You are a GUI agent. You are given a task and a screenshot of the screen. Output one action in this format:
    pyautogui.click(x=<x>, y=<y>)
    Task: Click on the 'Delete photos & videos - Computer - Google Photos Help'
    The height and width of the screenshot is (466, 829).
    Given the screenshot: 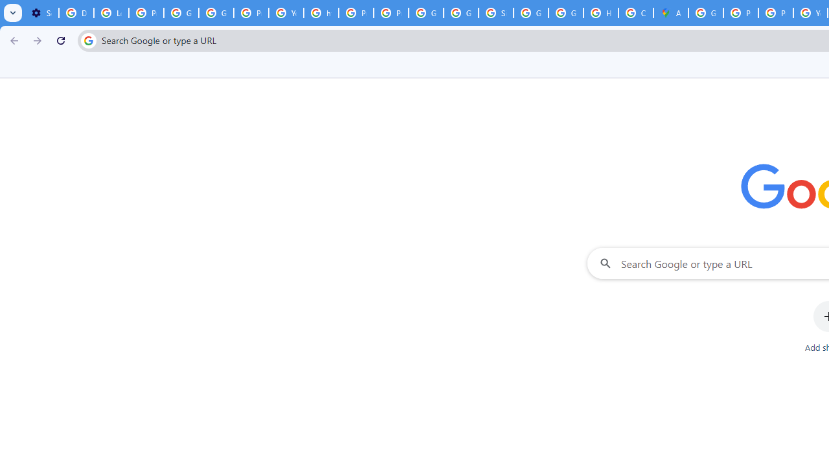 What is the action you would take?
    pyautogui.click(x=75, y=13)
    